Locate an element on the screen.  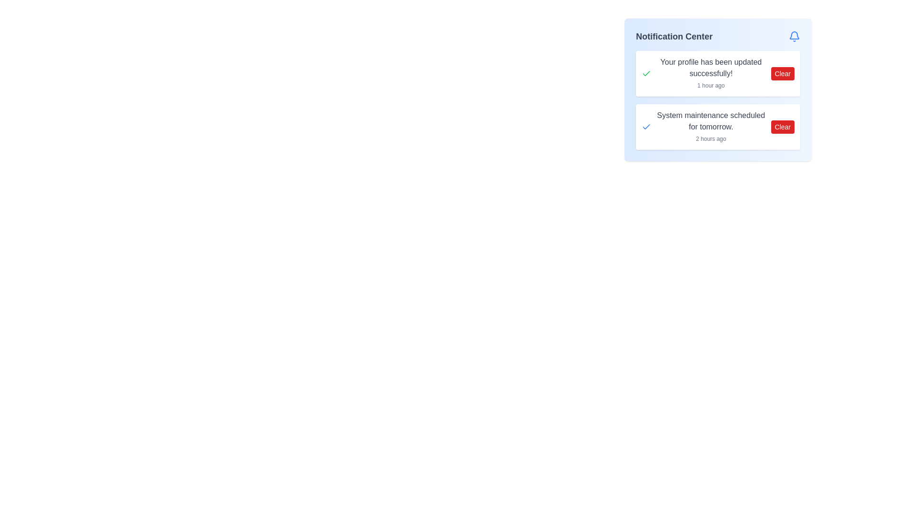
the text label displaying 'System maintenance scheduled for tomorrow.' within the notification card in the Notification Center is located at coordinates (711, 120).